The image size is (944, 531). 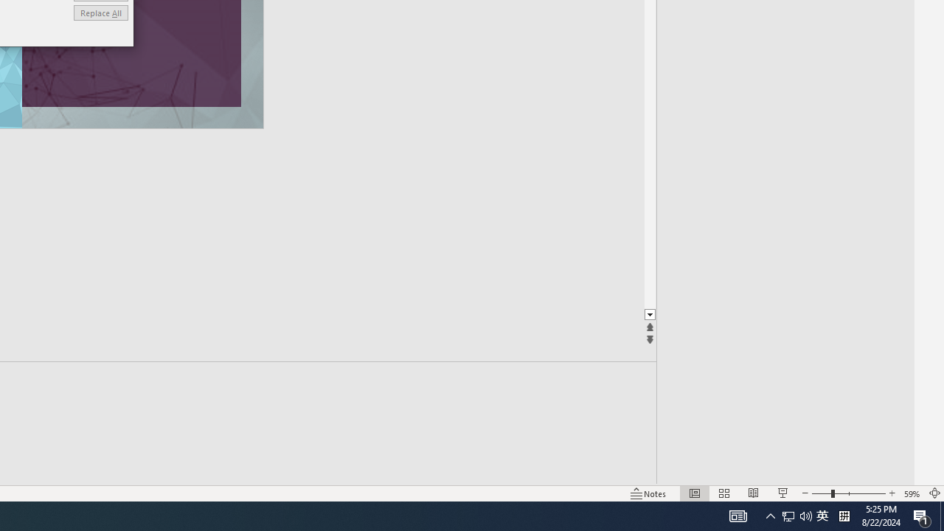 What do you see at coordinates (805, 515) in the screenshot?
I see `'Q2790: 100%'` at bounding box center [805, 515].